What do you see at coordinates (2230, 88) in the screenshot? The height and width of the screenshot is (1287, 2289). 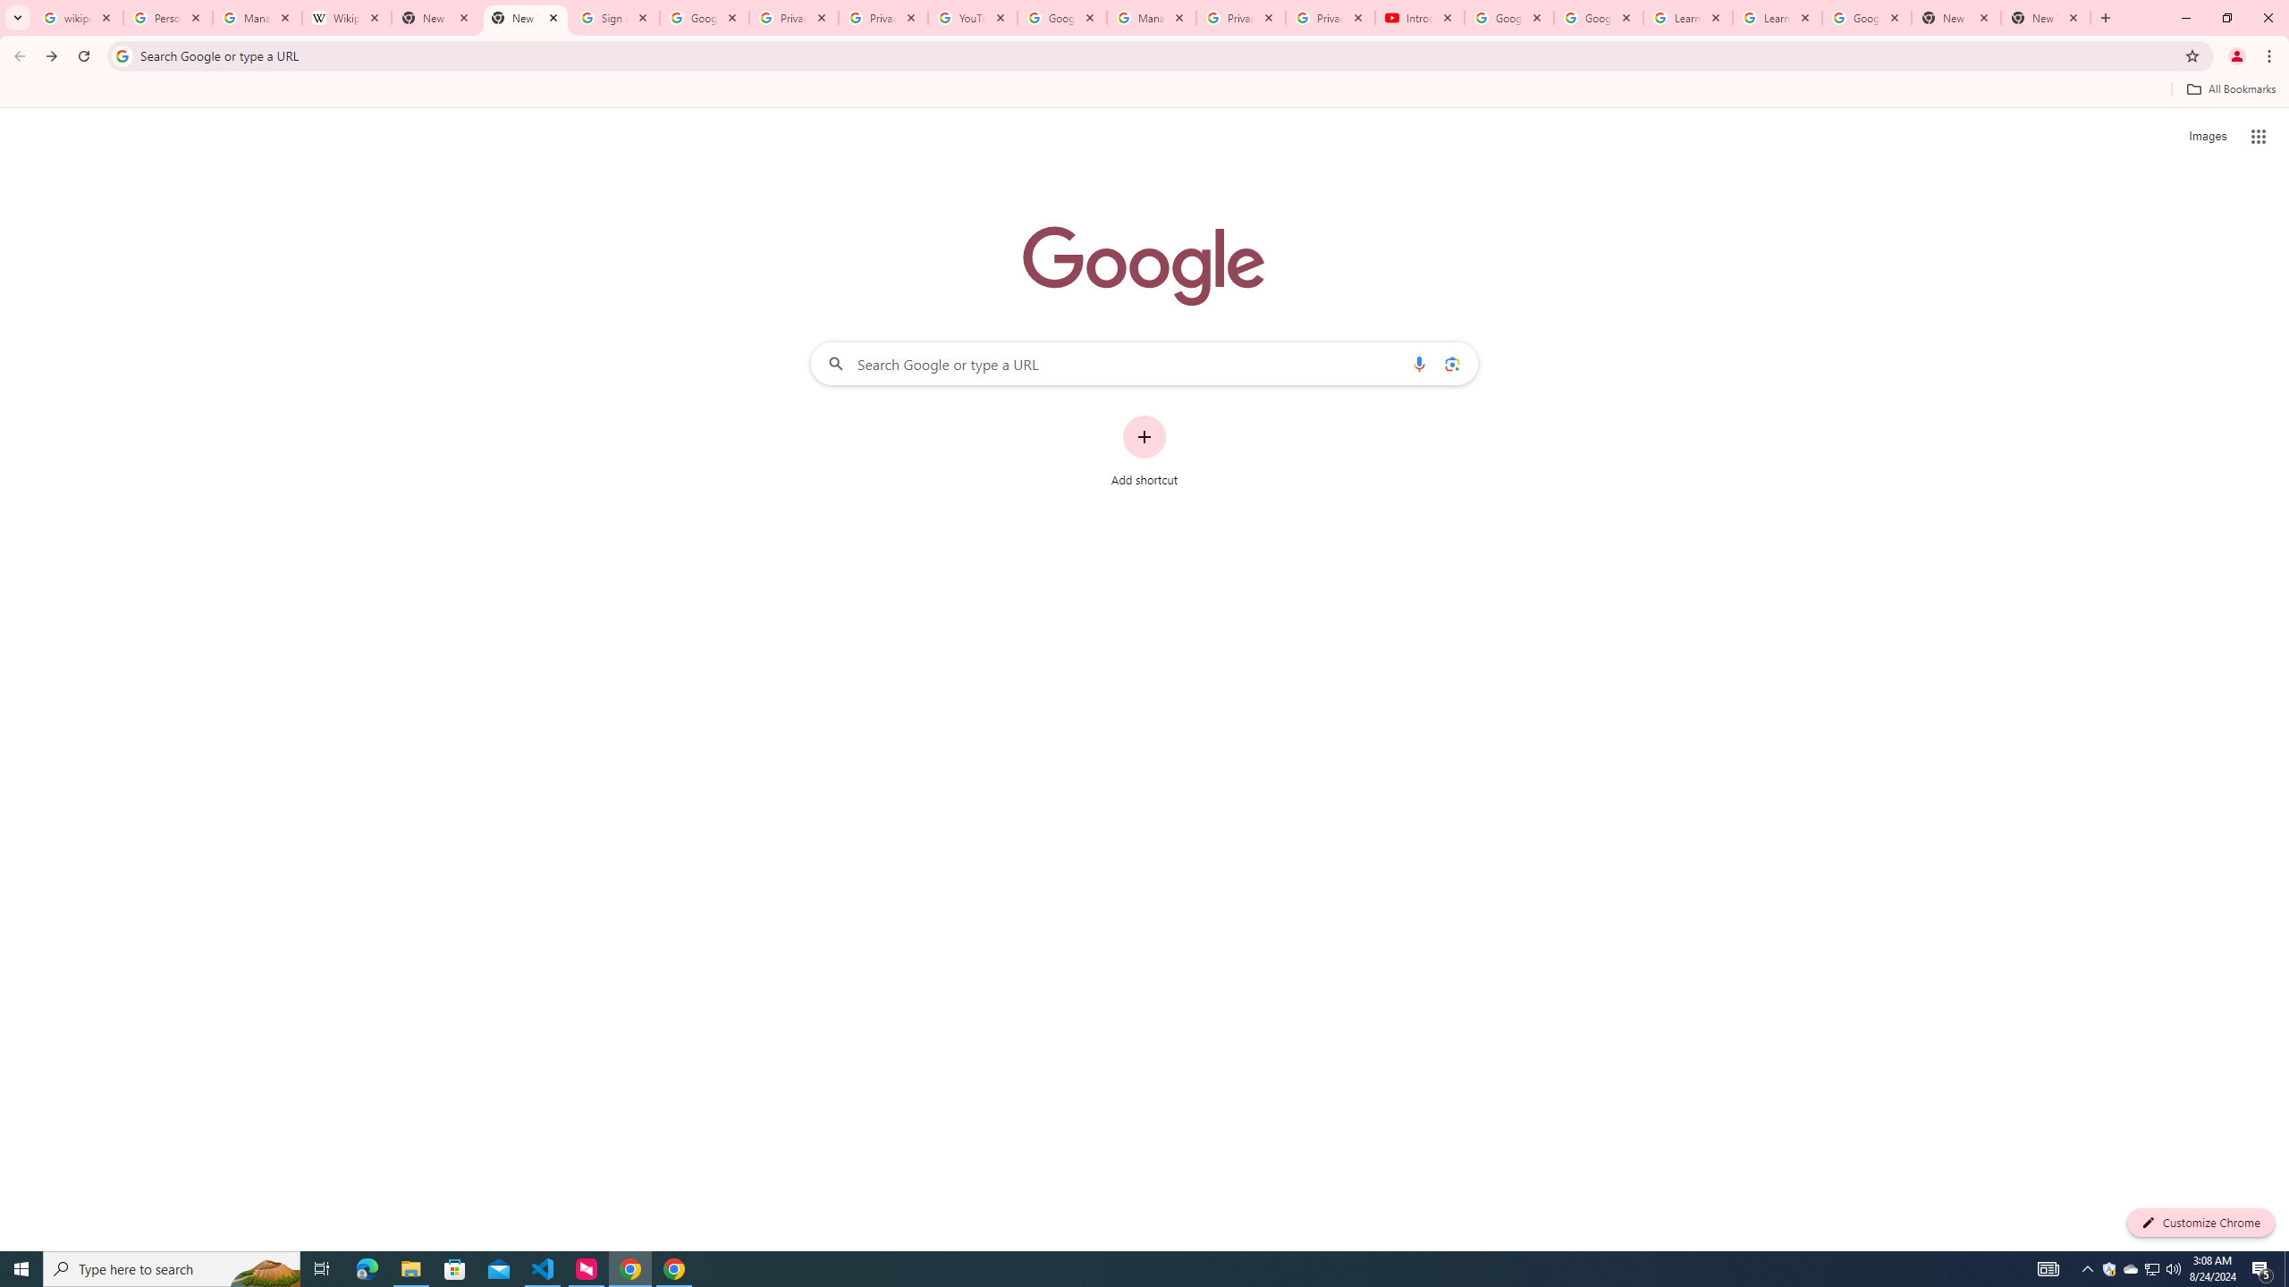 I see `'All Bookmarks'` at bounding box center [2230, 88].